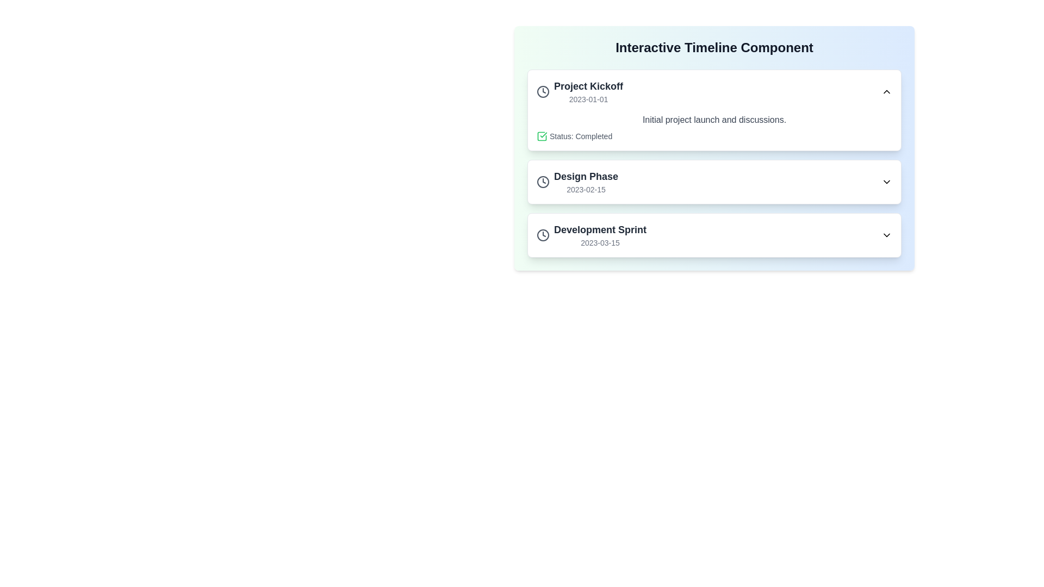  I want to click on the Text label displaying the date '2023-02-15', which is styled in gray and located beneath the header 'Design Phase', so click(586, 189).